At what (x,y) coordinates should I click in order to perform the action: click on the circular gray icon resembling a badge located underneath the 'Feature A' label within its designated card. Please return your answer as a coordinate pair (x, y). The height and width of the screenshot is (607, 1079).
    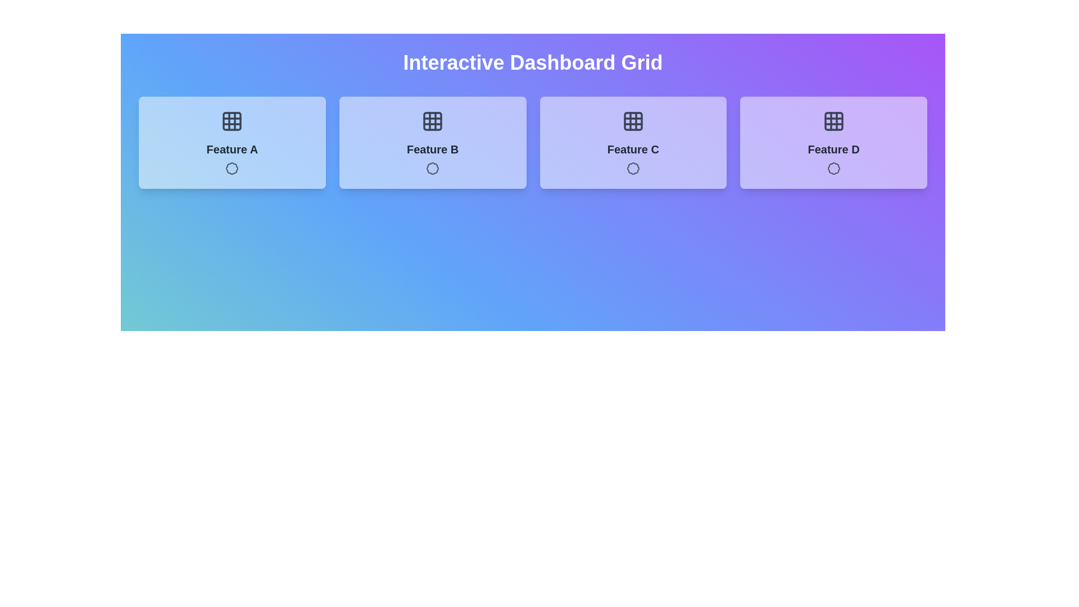
    Looking at the image, I should click on (232, 169).